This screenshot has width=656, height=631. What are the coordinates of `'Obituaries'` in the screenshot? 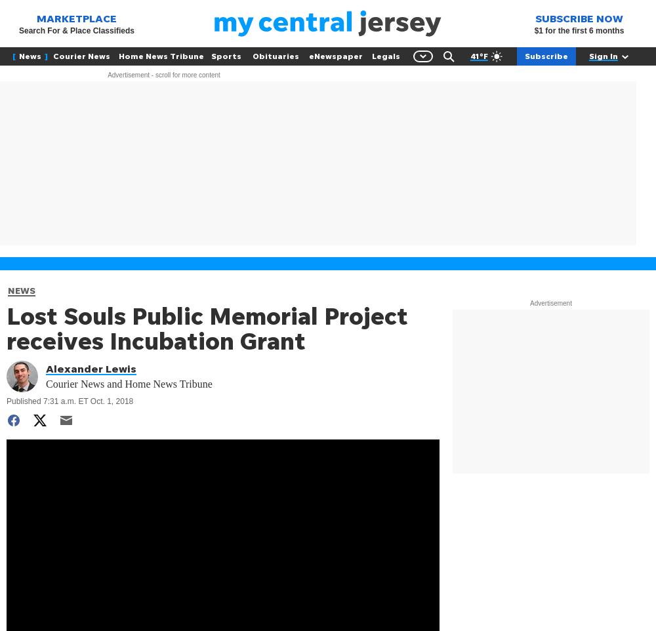 It's located at (252, 56).